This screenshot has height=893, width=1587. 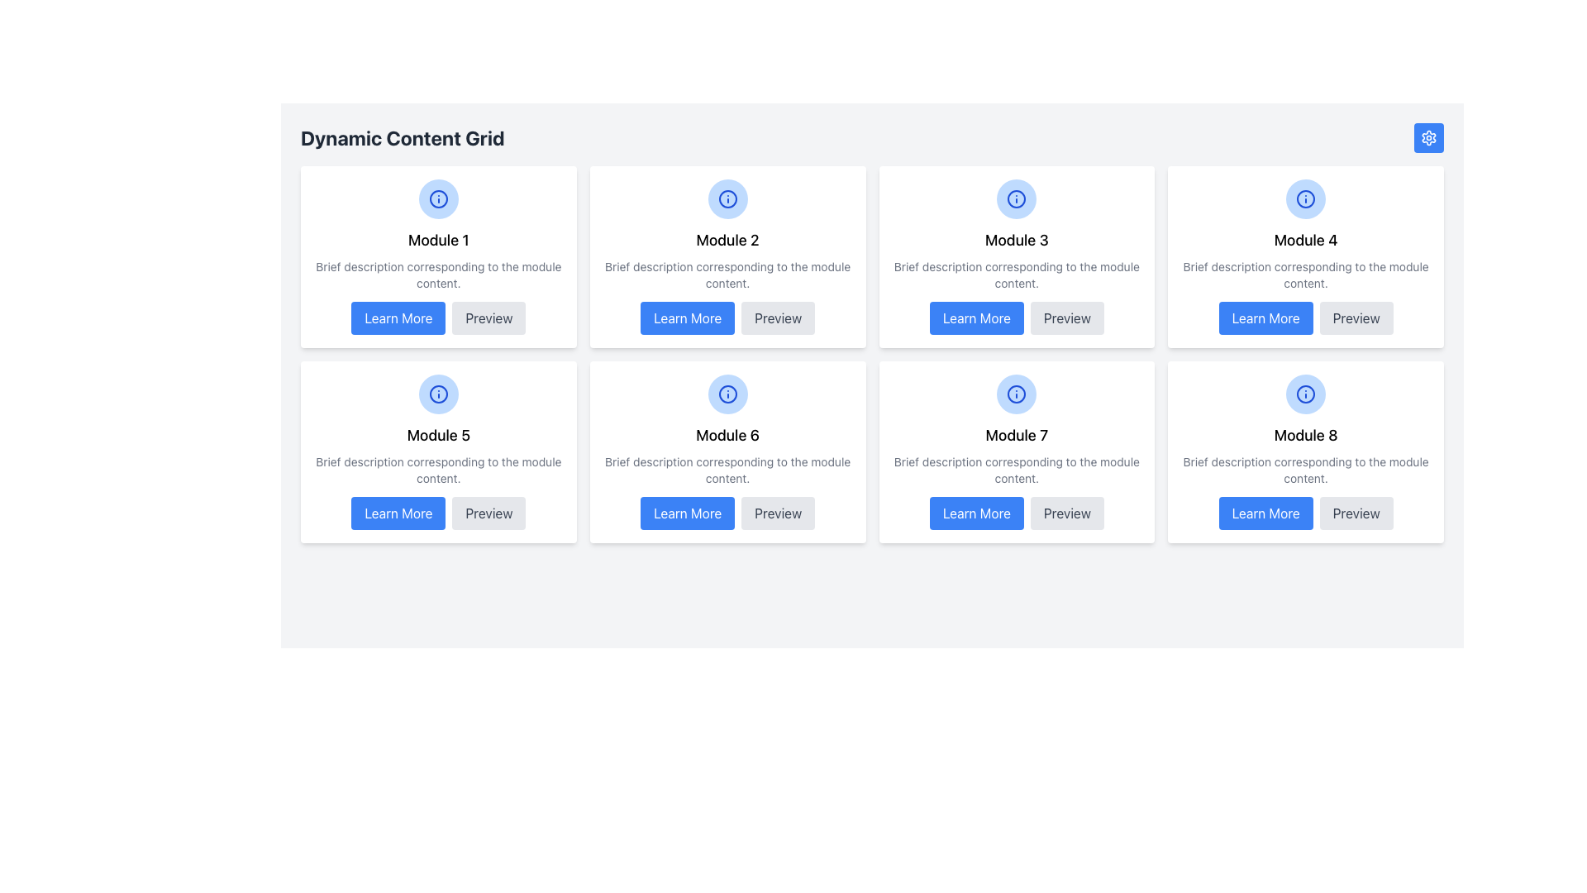 What do you see at coordinates (727, 198) in the screenshot?
I see `the information icon located at the center-top of the 'Module 2' card to interact with associated information` at bounding box center [727, 198].